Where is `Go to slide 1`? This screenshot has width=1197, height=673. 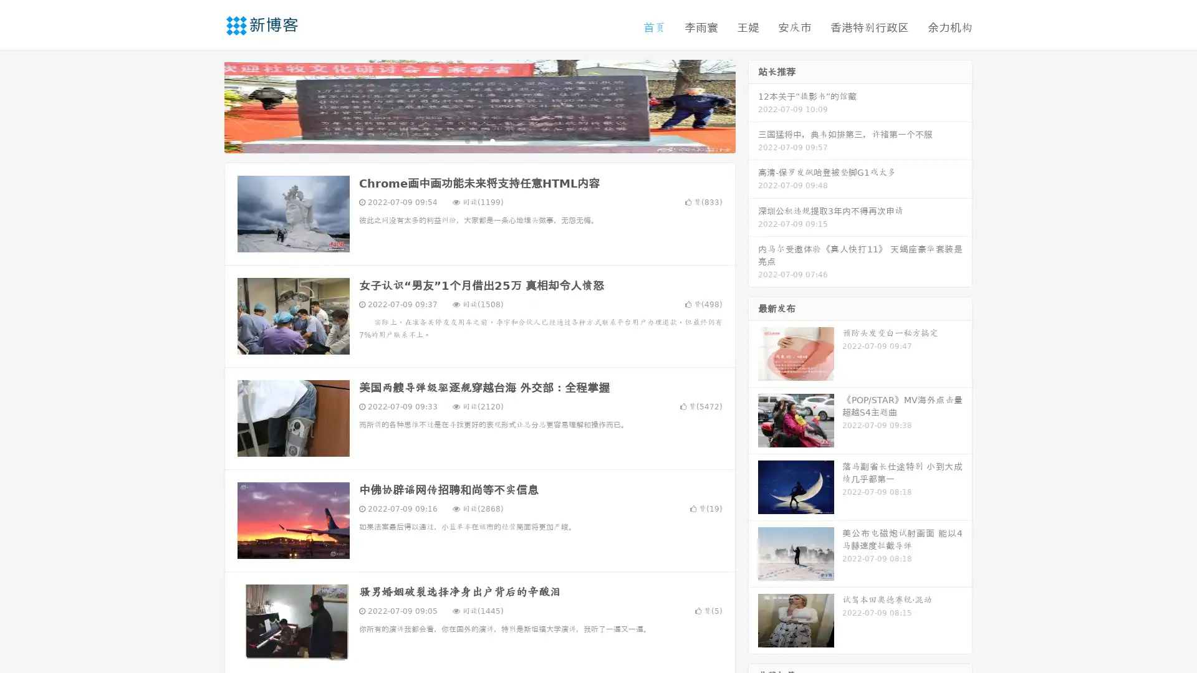 Go to slide 1 is located at coordinates (466, 140).